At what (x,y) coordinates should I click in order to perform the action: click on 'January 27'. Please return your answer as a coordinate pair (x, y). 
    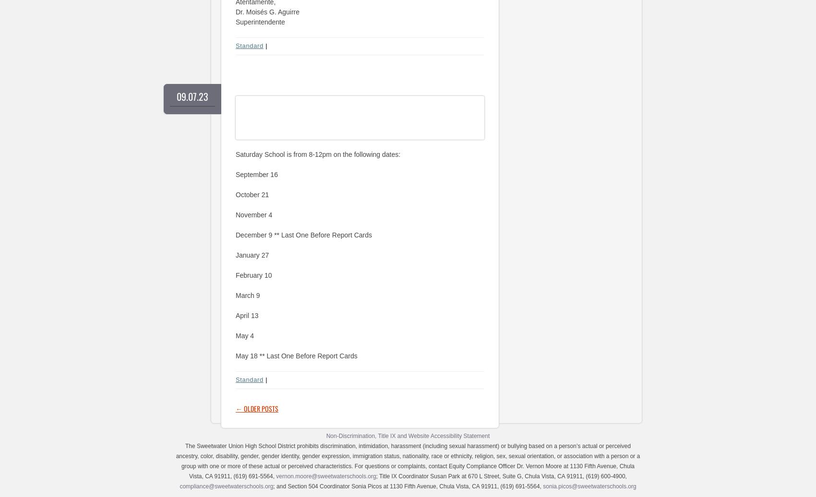
    Looking at the image, I should click on (252, 254).